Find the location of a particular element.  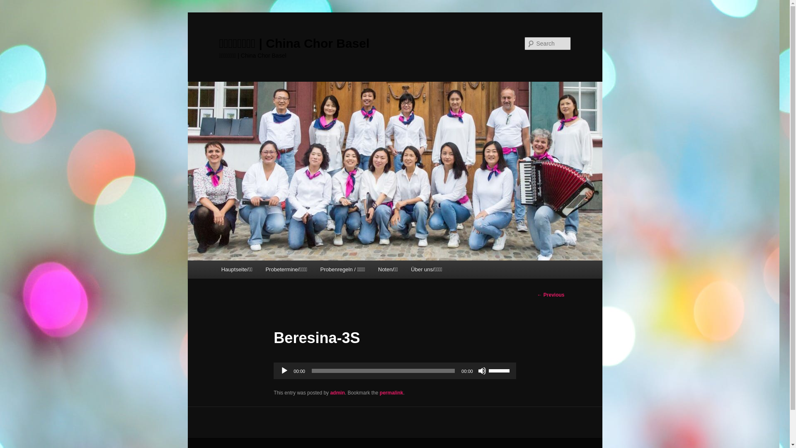

'Use Up/Down Arrow keys to increase or decrease volume.' is located at coordinates (489, 369).